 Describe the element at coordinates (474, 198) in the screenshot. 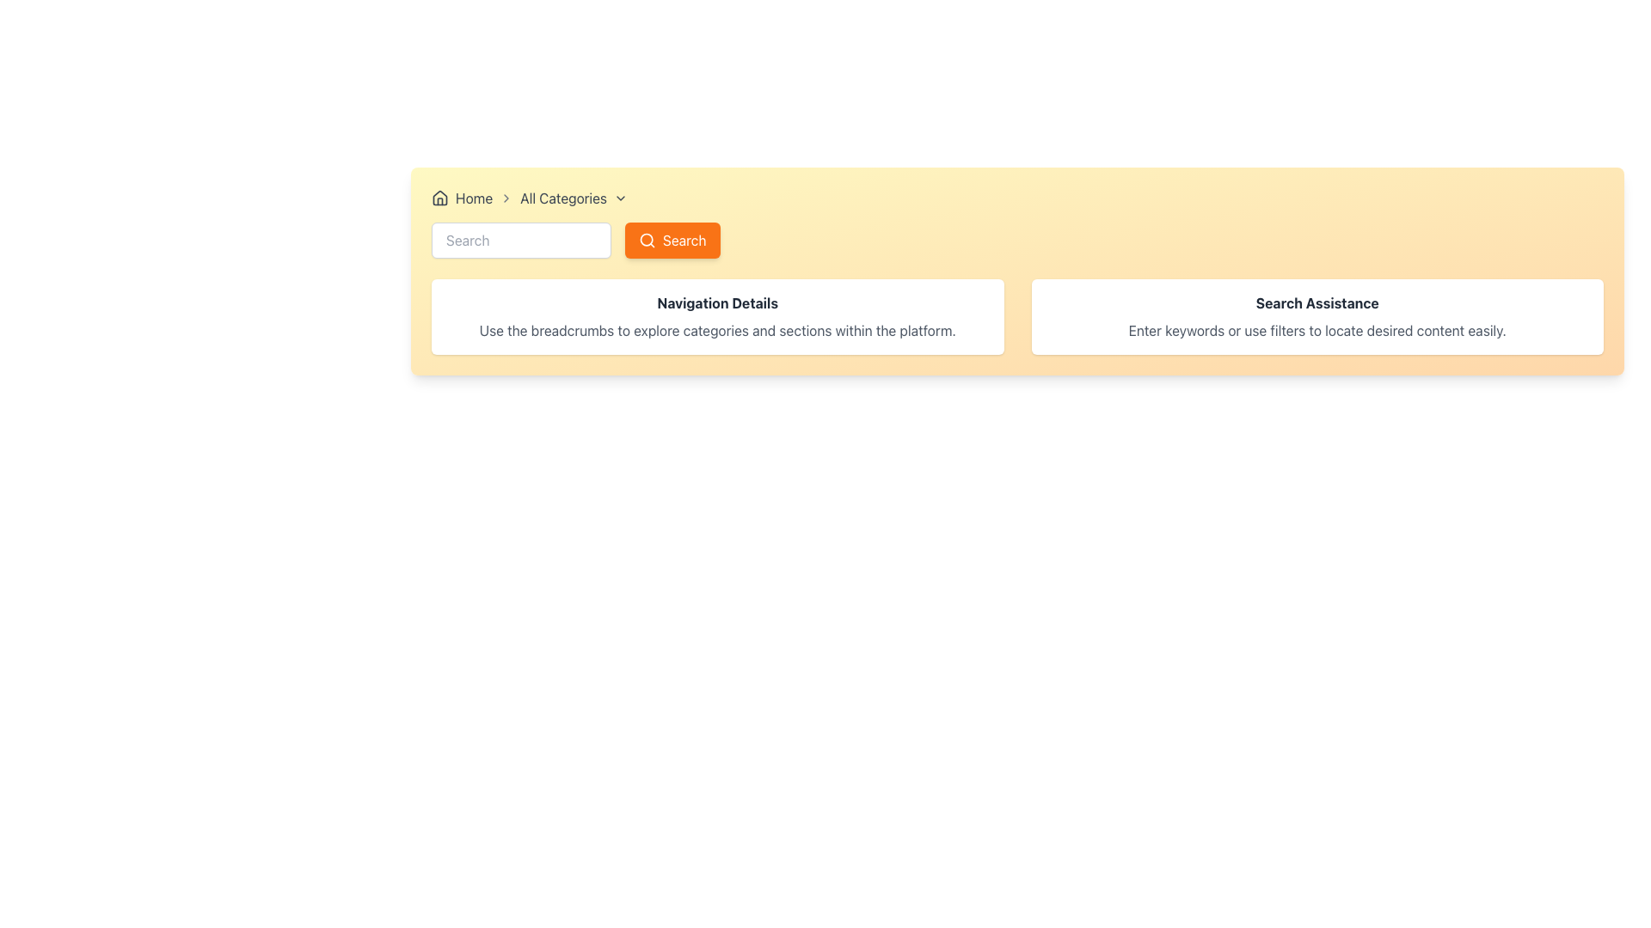

I see `the 'Home' text label, which is part of the breadcrumb navigation section and is located to the right of the house-shaped icon` at that location.